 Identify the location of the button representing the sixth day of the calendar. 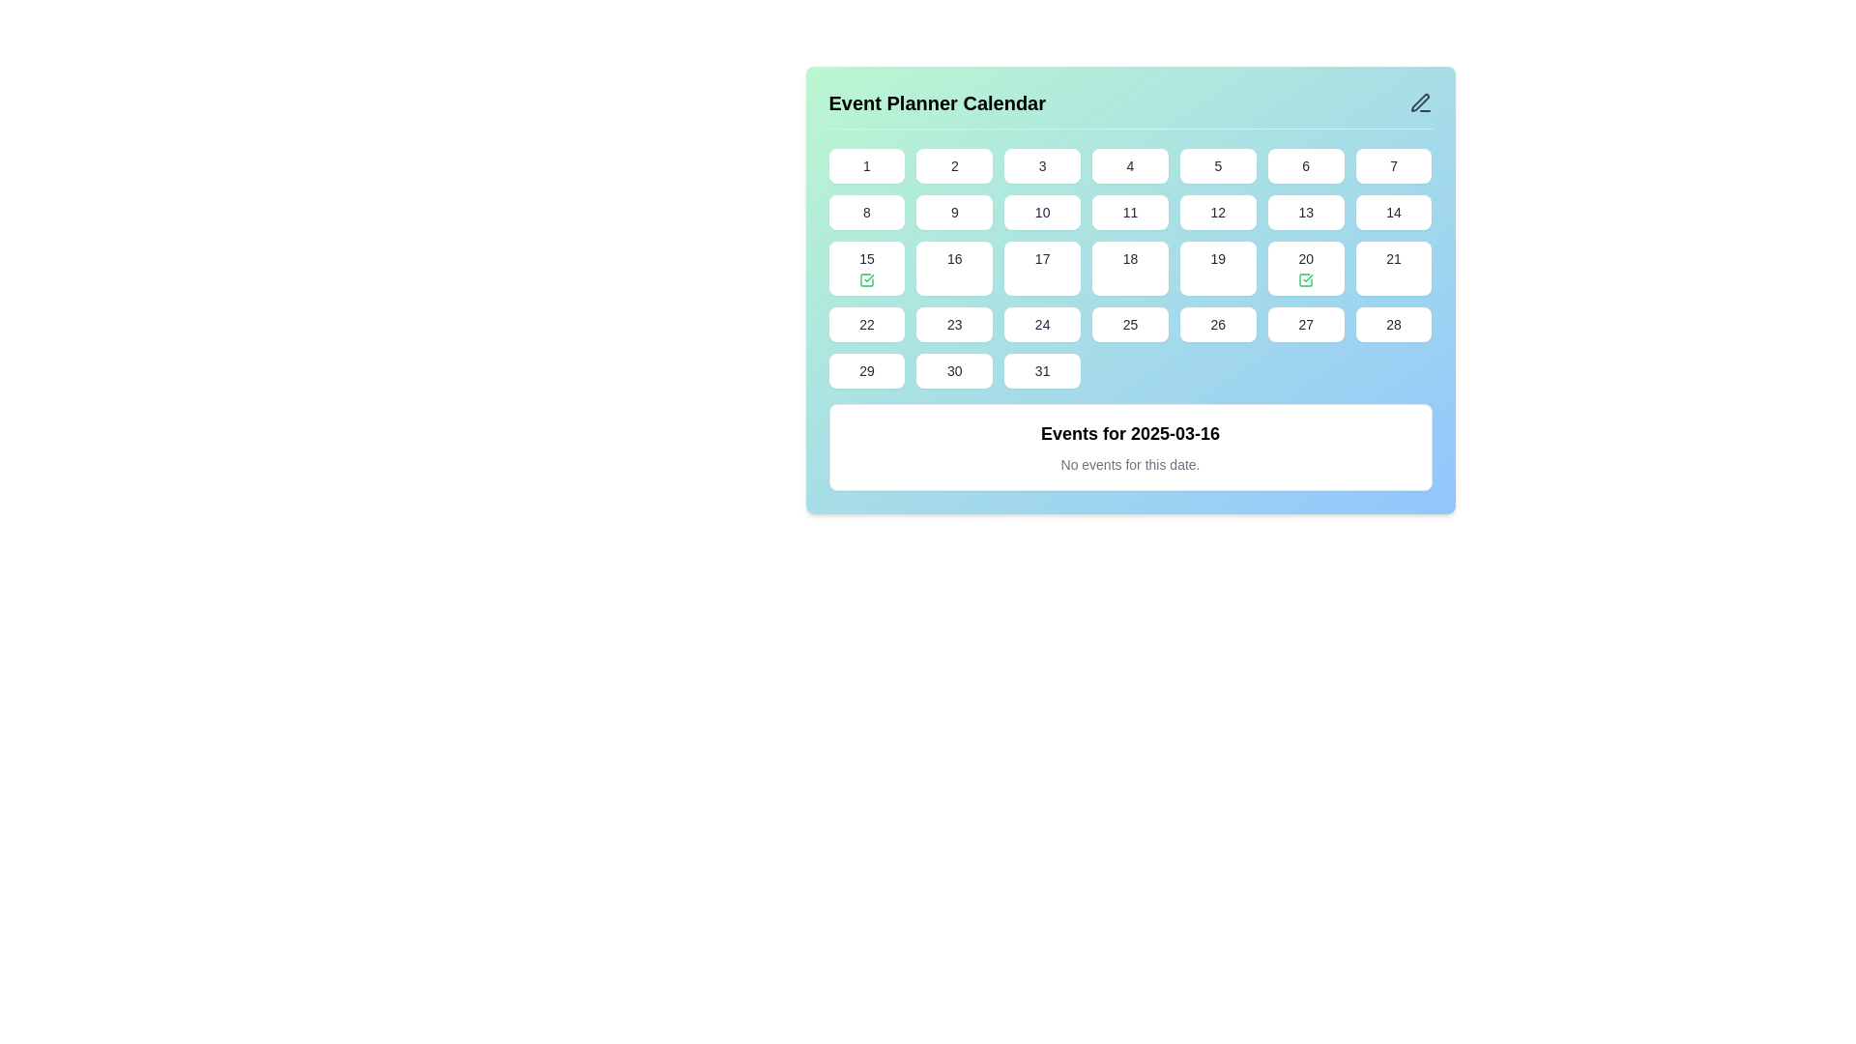
(1306, 165).